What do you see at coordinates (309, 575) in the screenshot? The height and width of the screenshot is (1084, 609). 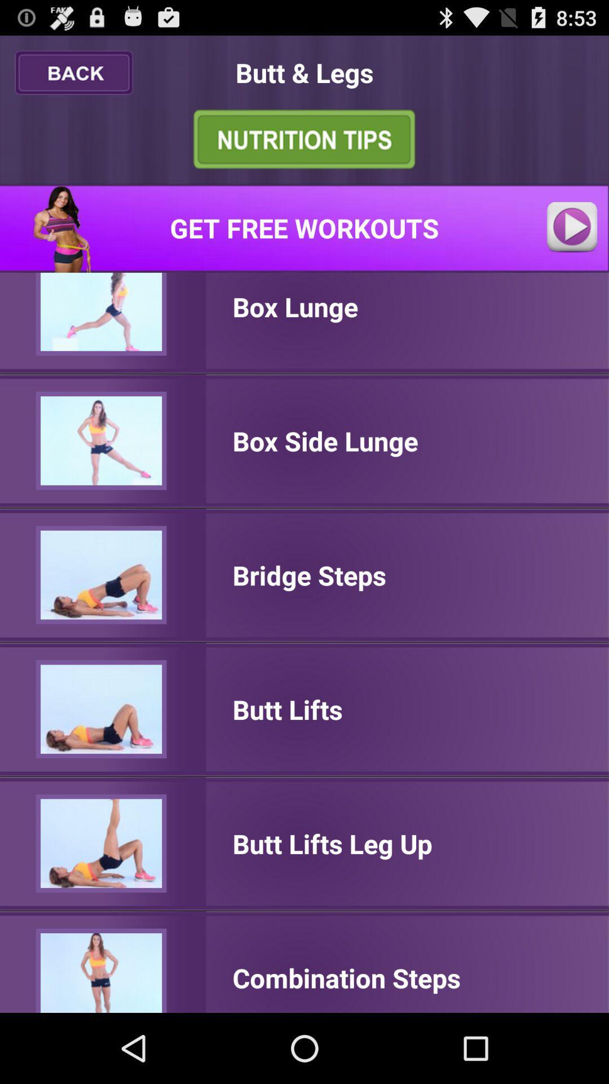 I see `the bridge steps` at bounding box center [309, 575].